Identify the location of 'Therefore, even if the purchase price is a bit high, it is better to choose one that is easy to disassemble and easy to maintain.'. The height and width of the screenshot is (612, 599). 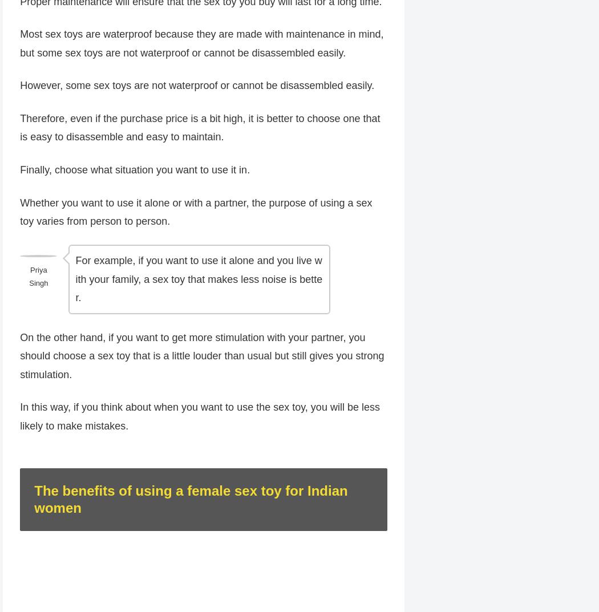
(199, 128).